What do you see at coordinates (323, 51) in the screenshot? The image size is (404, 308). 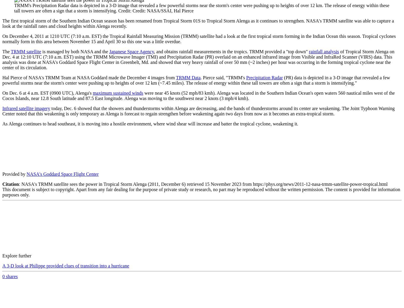 I see `'rainfall analysis'` at bounding box center [323, 51].